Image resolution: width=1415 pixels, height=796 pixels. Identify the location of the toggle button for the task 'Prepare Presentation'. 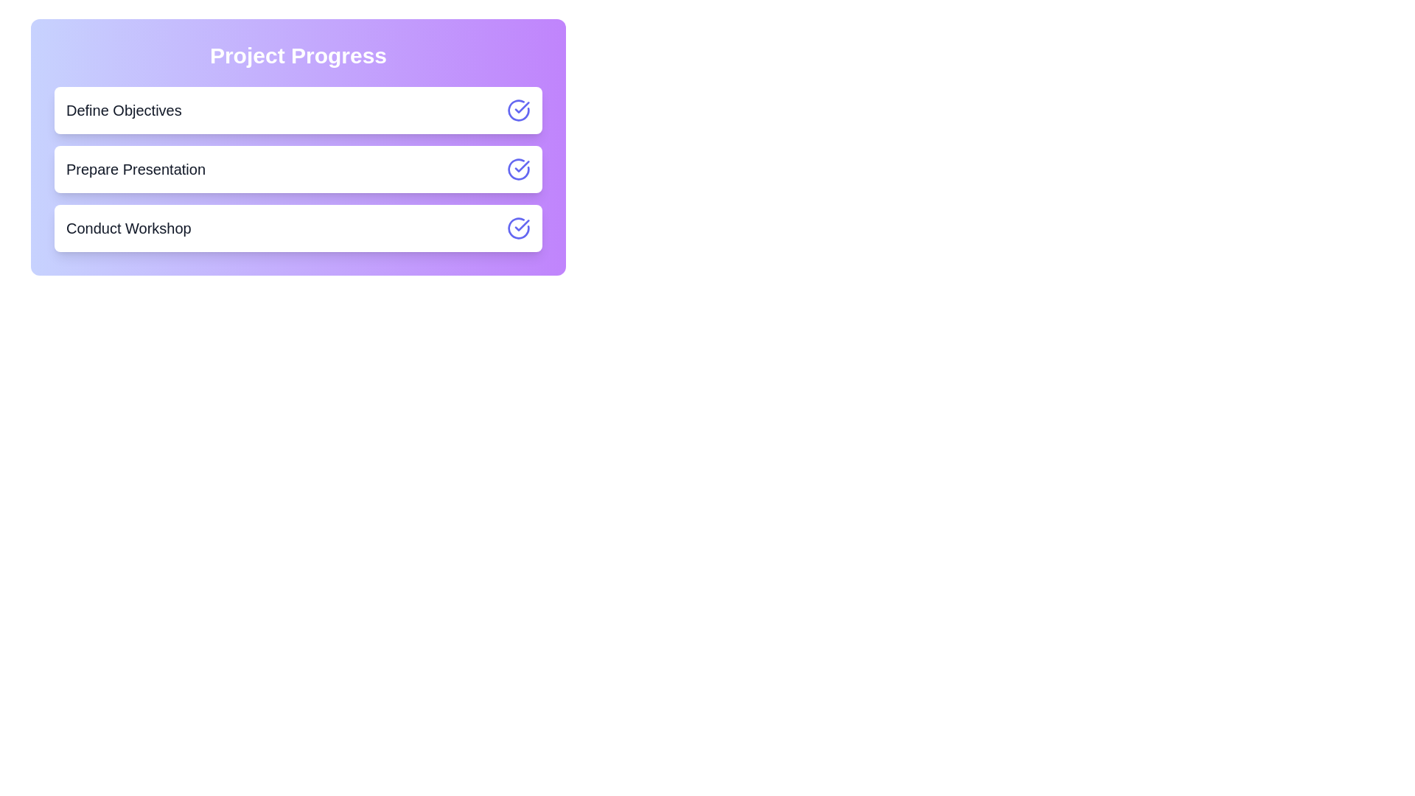
(519, 169).